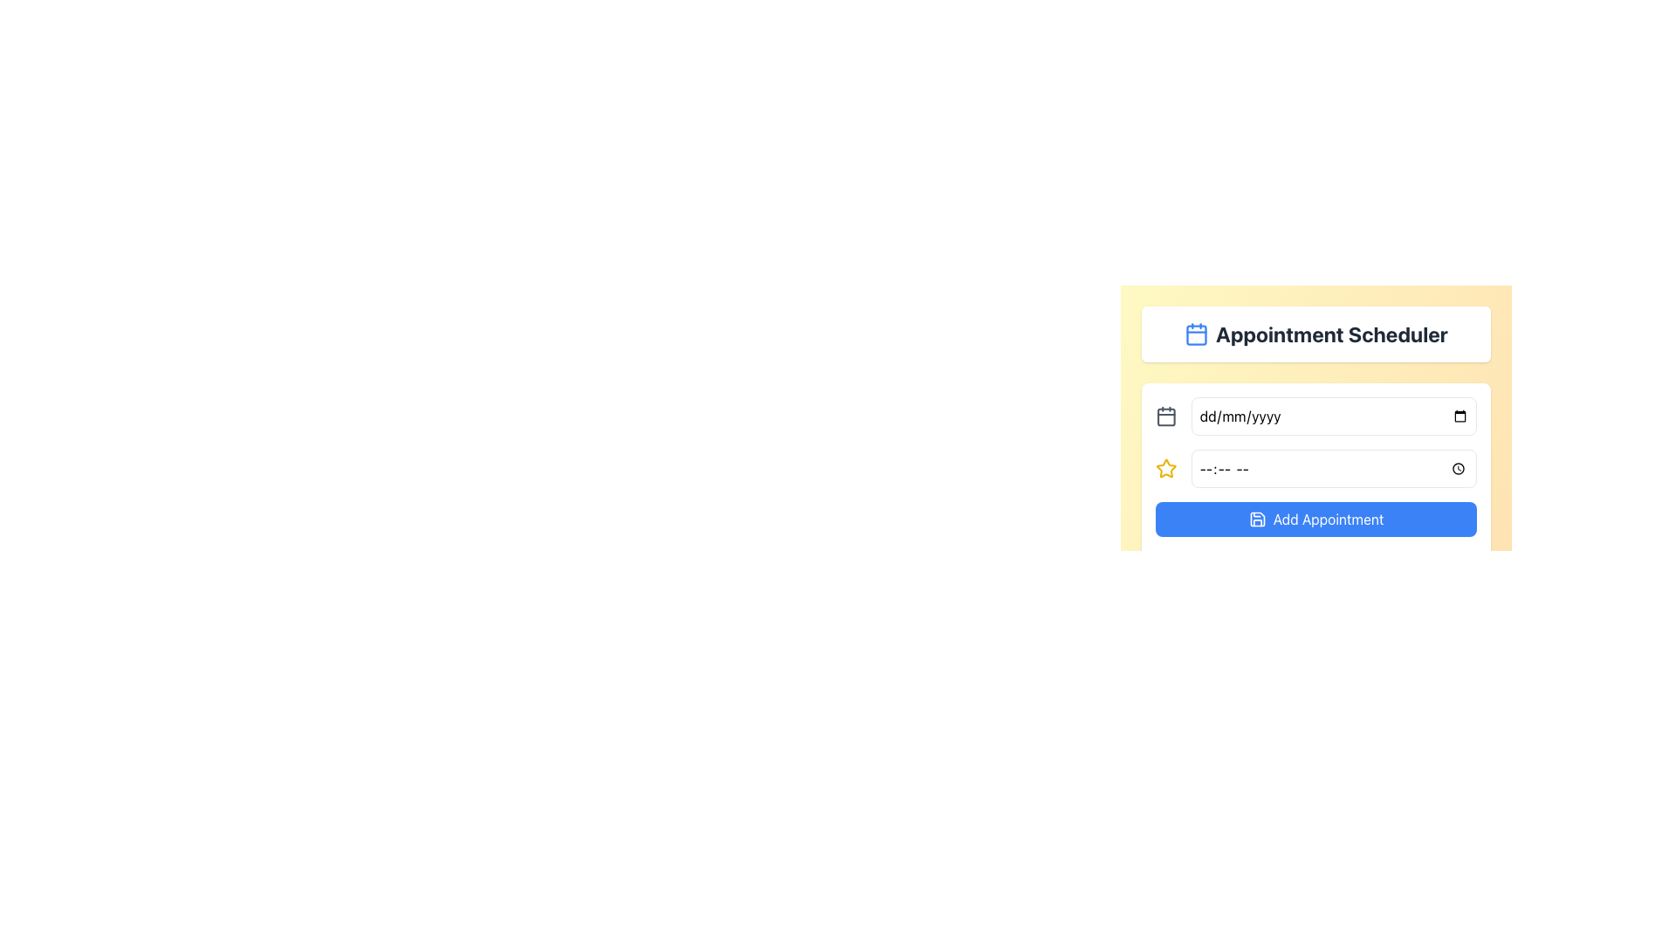 This screenshot has width=1676, height=943. I want to click on the interactive icon located to the left of the 'Add Appointment' button, which aids in saving or confirming an appointment, so click(1257, 518).